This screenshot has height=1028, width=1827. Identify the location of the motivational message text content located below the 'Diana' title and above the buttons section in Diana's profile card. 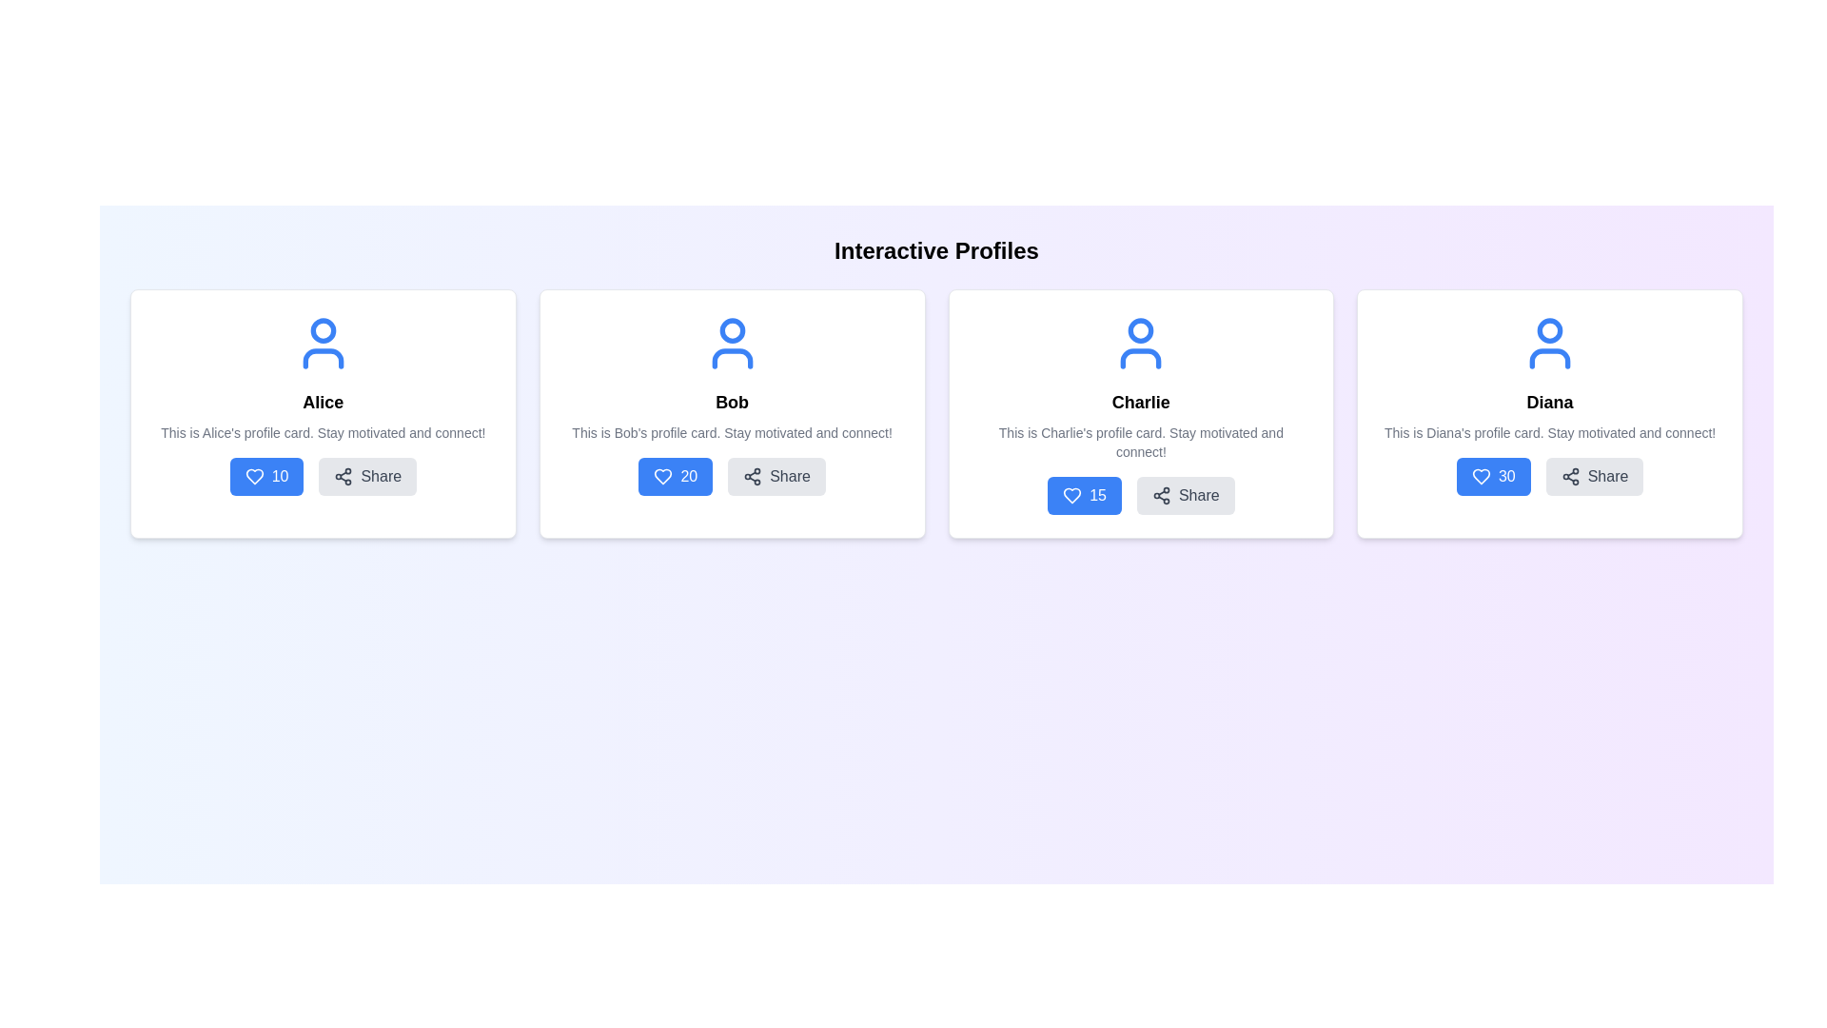
(1550, 433).